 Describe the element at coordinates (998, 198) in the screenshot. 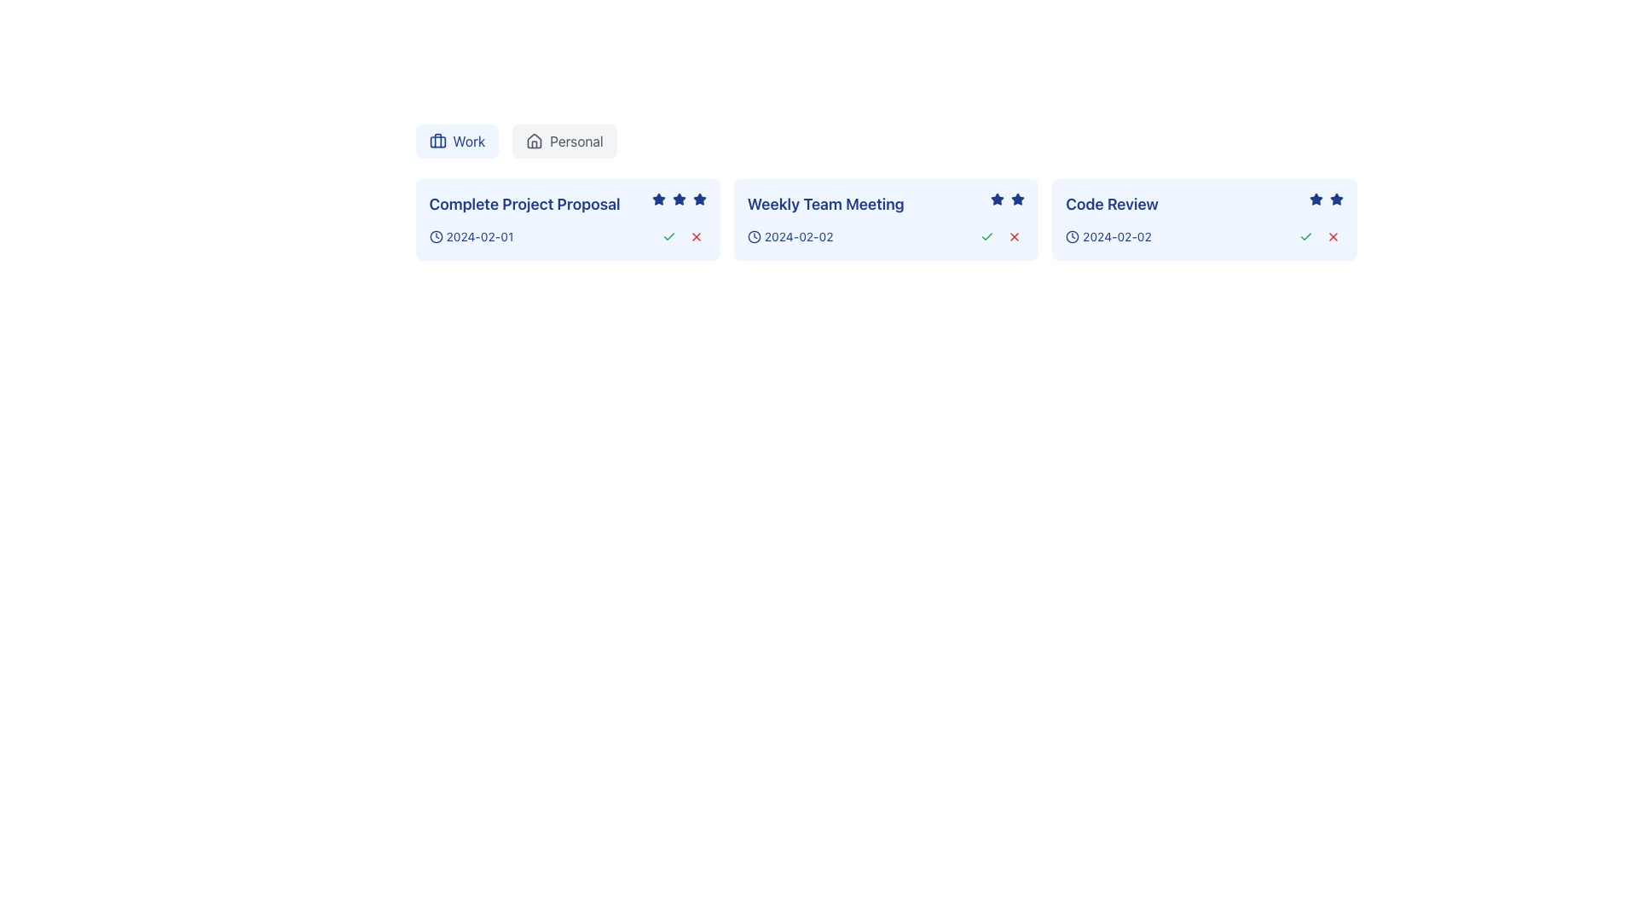

I see `the blue star-shaped icon within the 'Weekly Team Meeting' task card` at that location.